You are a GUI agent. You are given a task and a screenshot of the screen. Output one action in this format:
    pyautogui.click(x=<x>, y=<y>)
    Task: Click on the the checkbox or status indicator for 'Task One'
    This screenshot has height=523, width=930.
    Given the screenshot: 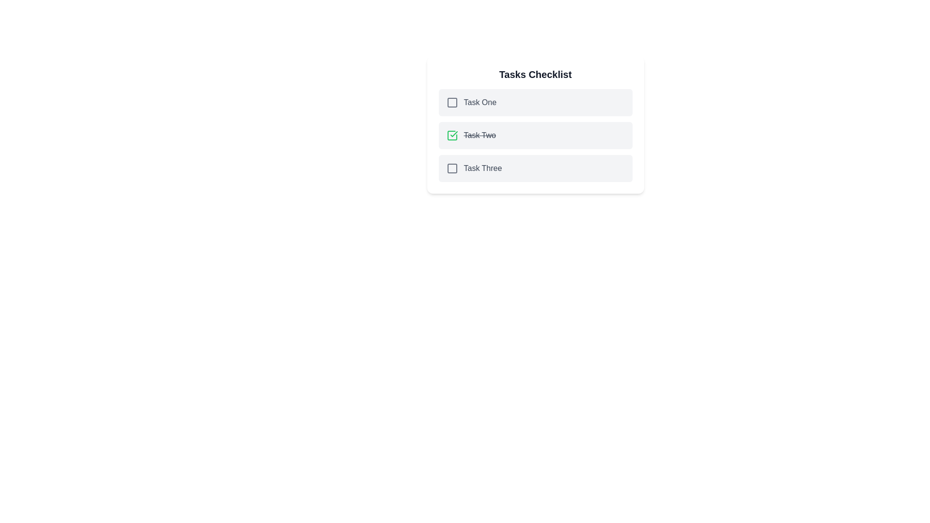 What is the action you would take?
    pyautogui.click(x=451, y=103)
    